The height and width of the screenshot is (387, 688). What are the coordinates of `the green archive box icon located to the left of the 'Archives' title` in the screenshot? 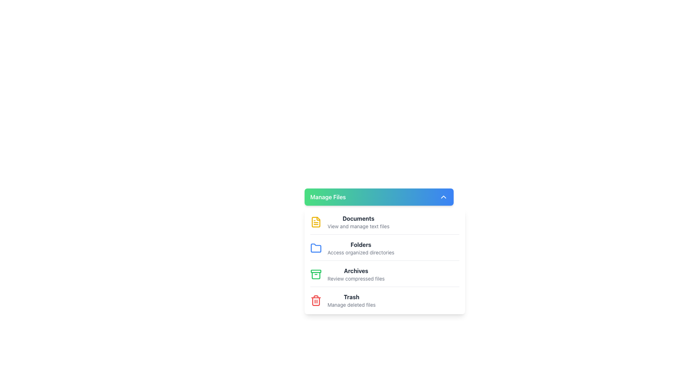 It's located at (316, 274).